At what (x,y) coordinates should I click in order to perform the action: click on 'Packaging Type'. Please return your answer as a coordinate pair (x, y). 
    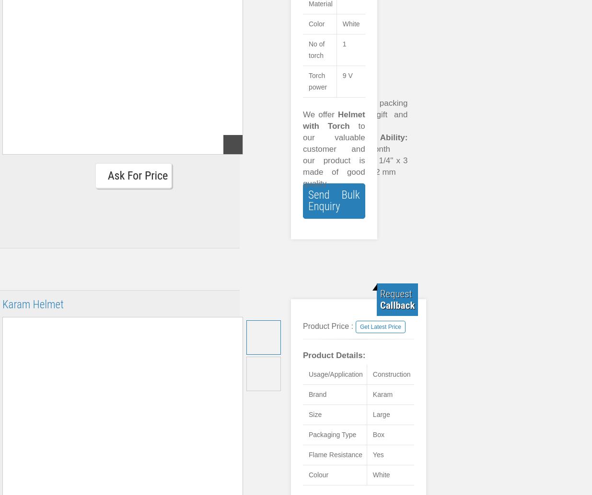
    Looking at the image, I should click on (332, 434).